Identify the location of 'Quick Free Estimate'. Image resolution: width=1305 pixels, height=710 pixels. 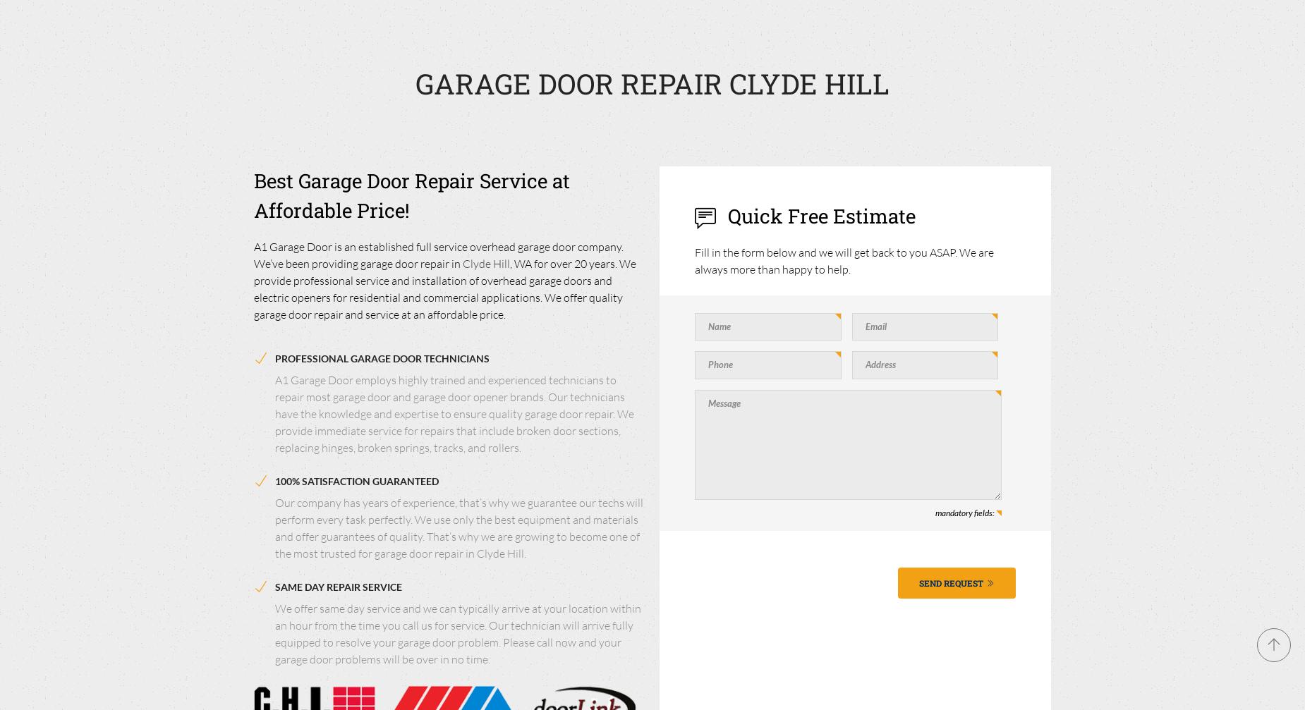
(818, 215).